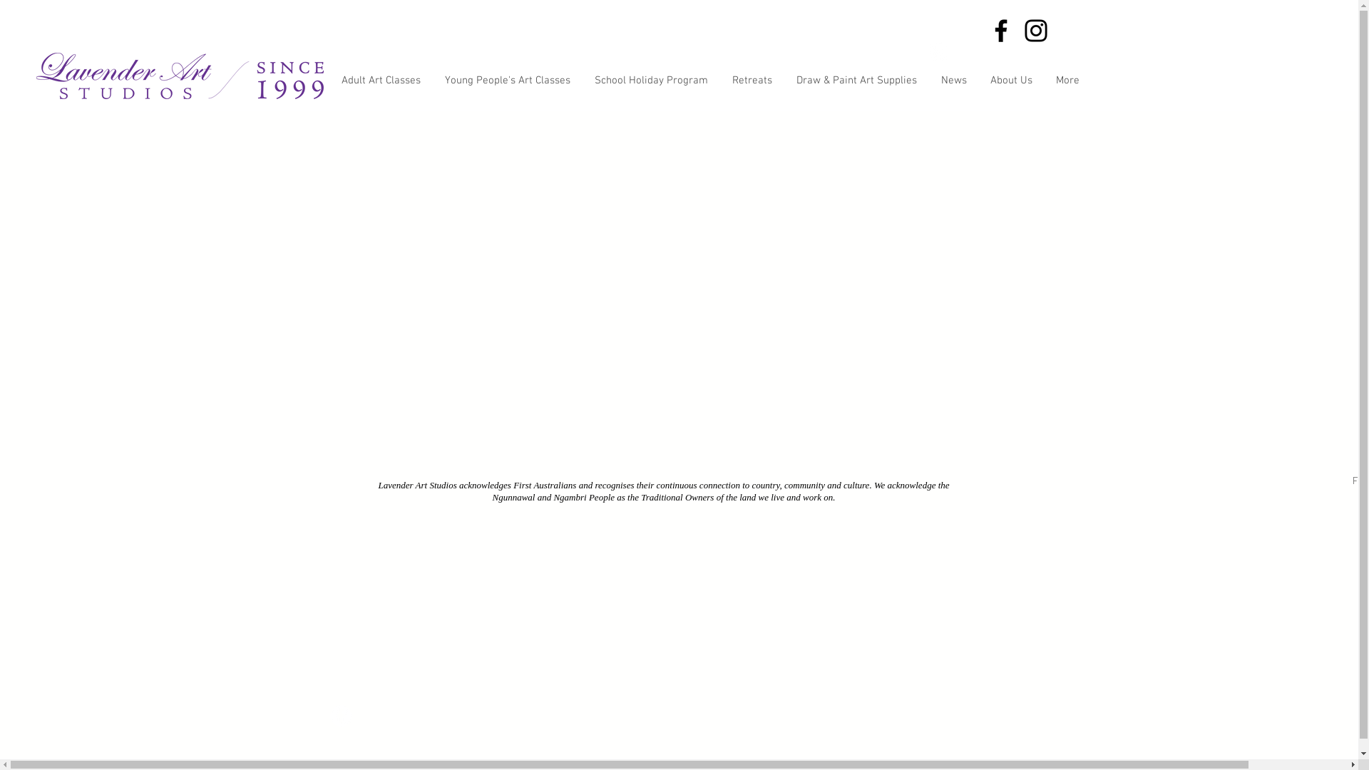  I want to click on 'News', so click(953, 81).